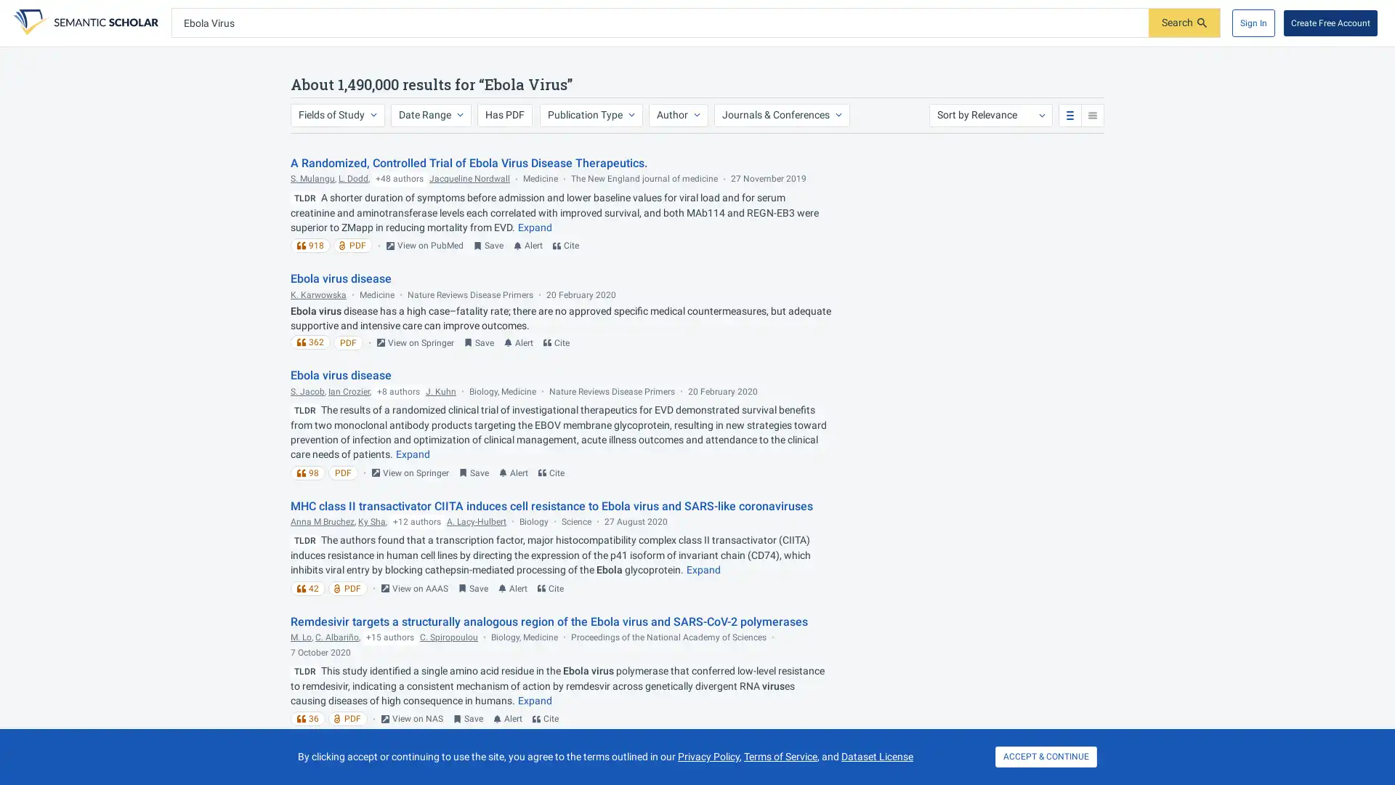 This screenshot has height=785, width=1395. What do you see at coordinates (416, 520) in the screenshot?
I see `+12 authors` at bounding box center [416, 520].